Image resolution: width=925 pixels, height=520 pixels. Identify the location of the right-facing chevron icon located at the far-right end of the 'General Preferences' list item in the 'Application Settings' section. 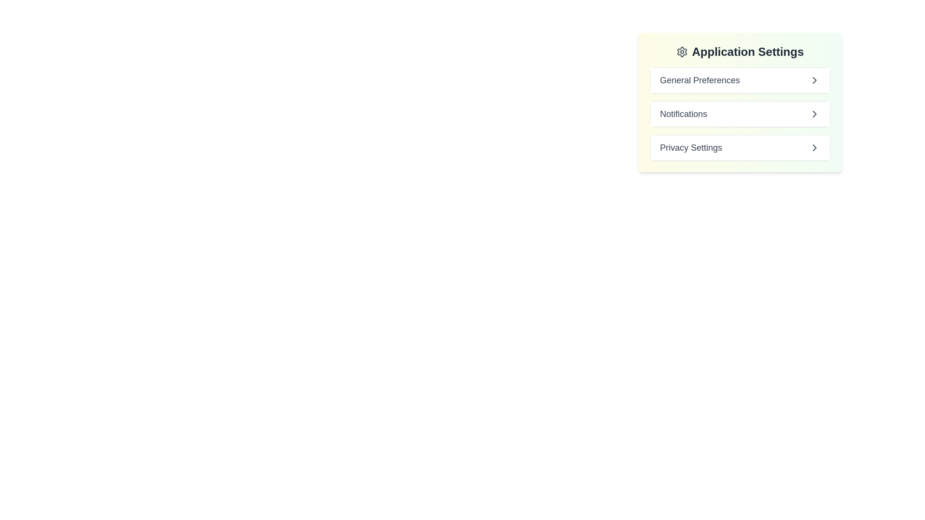
(814, 79).